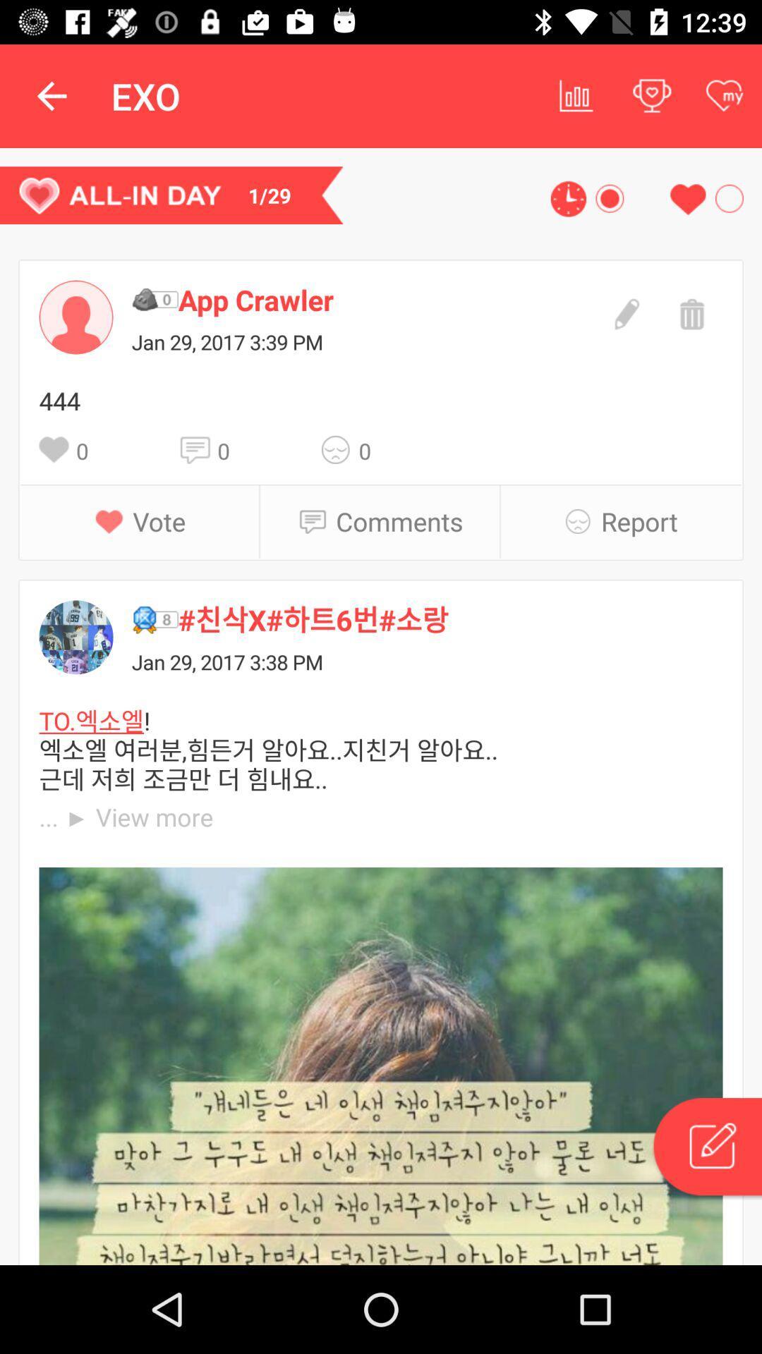  Describe the element at coordinates (51, 95) in the screenshot. I see `item next to exo app` at that location.